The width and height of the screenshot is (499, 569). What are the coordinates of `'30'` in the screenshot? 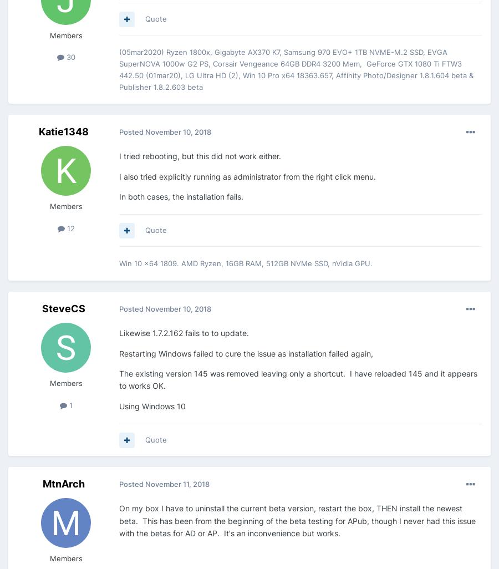 It's located at (69, 57).